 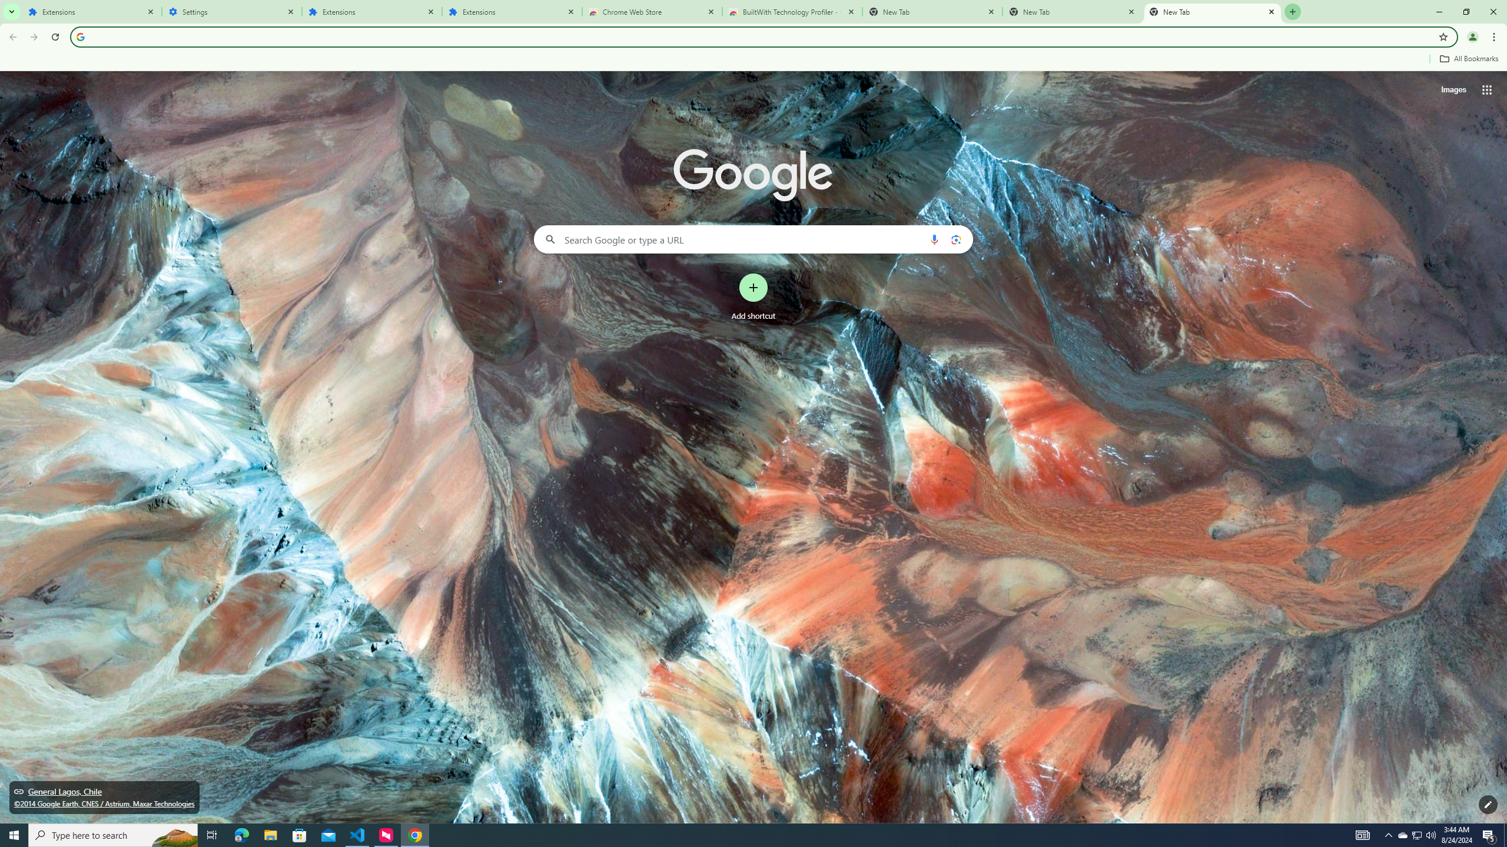 I want to click on 'Extensions', so click(x=371, y=11).